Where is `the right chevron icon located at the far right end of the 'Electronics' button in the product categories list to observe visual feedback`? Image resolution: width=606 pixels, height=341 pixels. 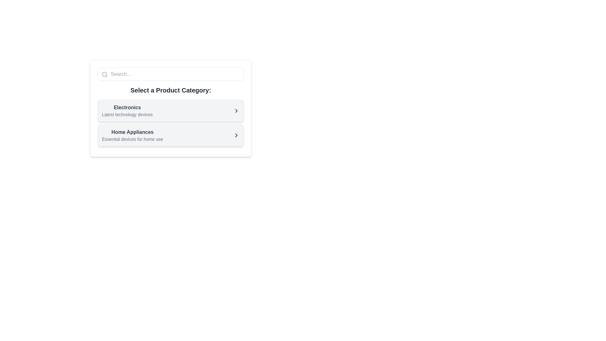
the right chevron icon located at the far right end of the 'Electronics' button in the product categories list to observe visual feedback is located at coordinates (236, 111).